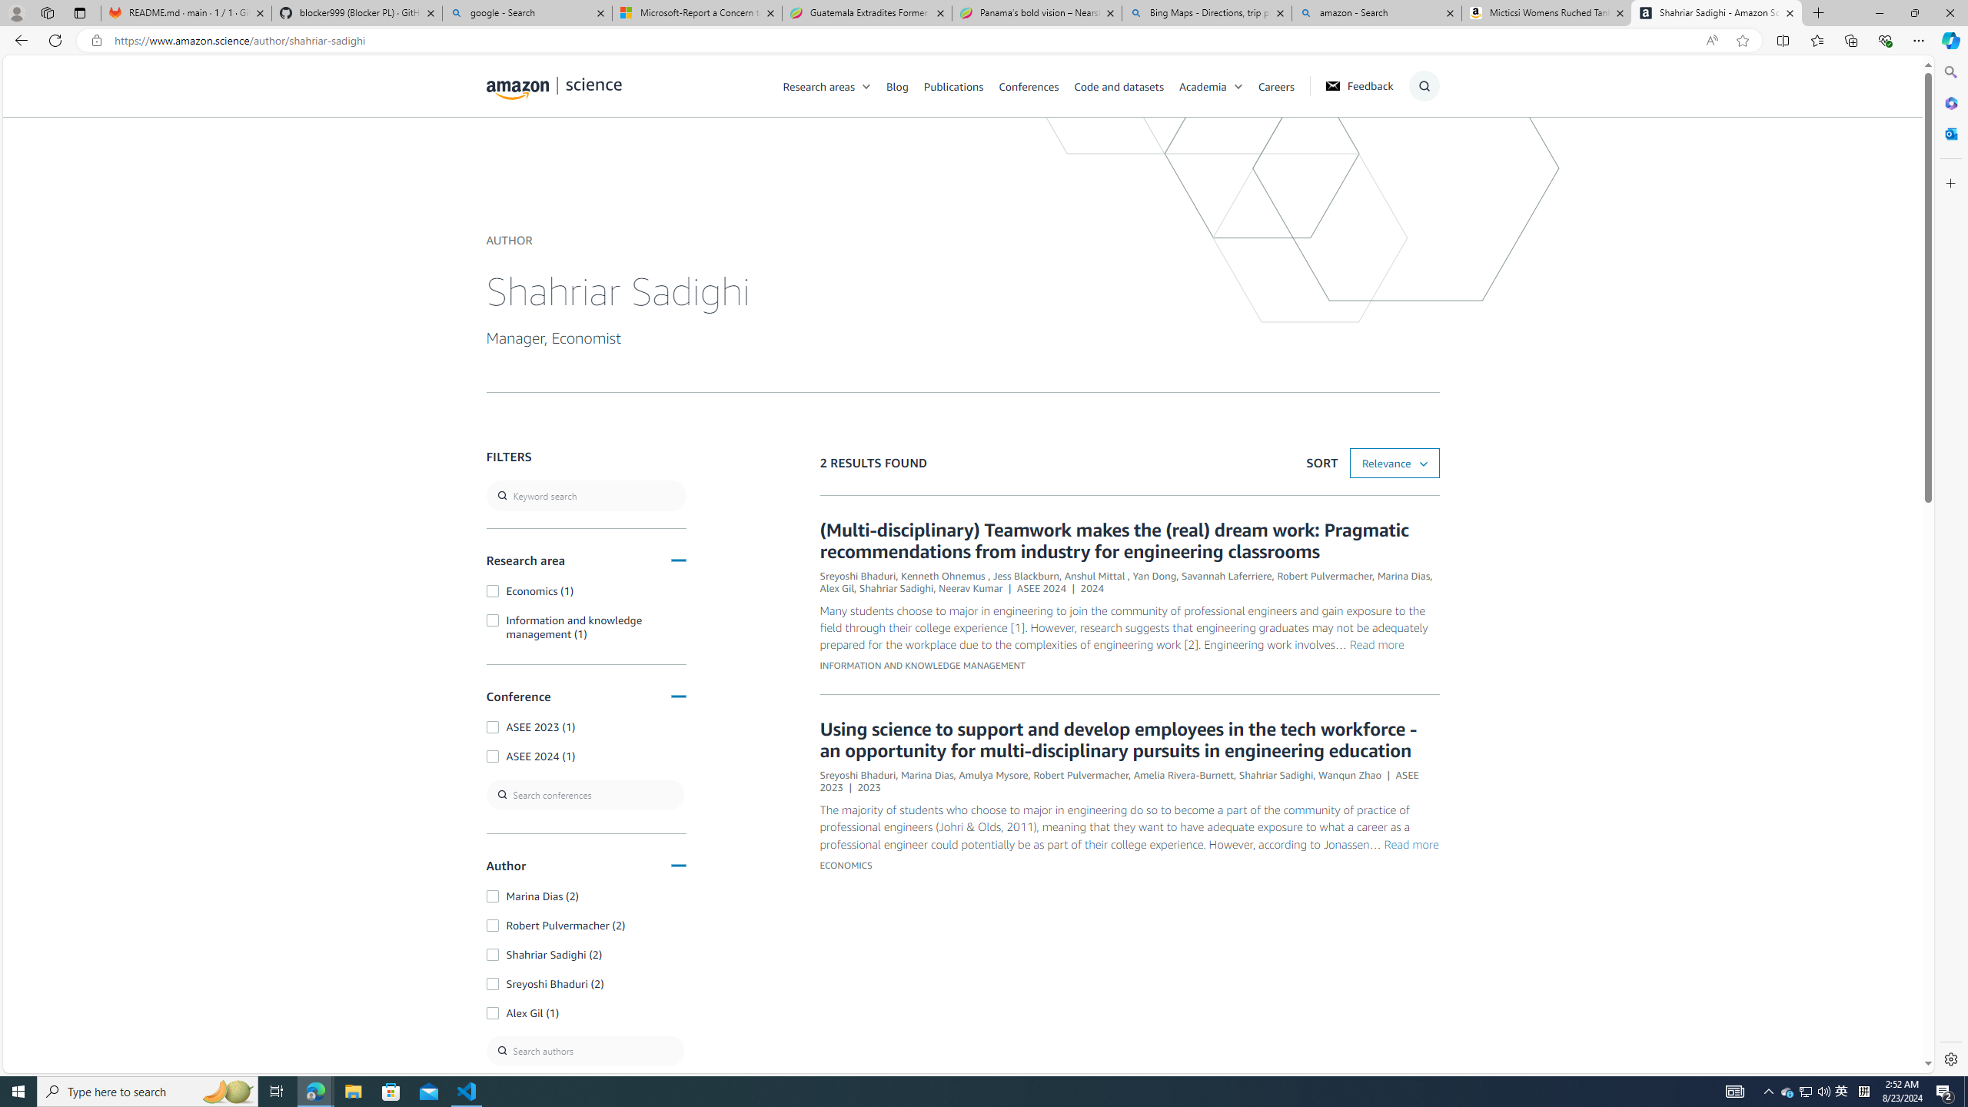  I want to click on 'Wanqun Zhao', so click(1350, 774).